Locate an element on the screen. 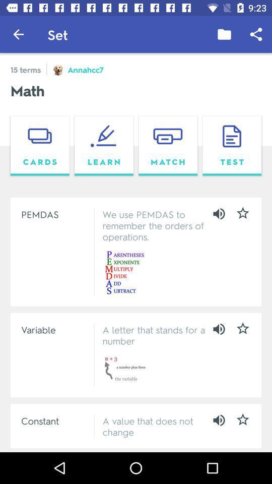 This screenshot has height=484, width=272. item above the math icon is located at coordinates (224, 34).